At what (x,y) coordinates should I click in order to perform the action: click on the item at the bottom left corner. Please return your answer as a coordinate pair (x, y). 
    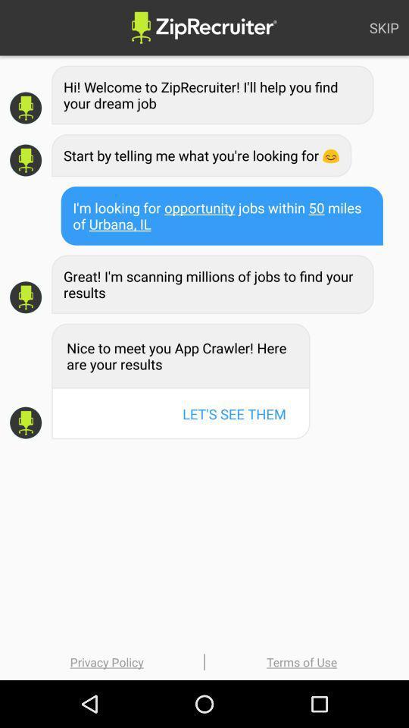
    Looking at the image, I should click on (106, 661).